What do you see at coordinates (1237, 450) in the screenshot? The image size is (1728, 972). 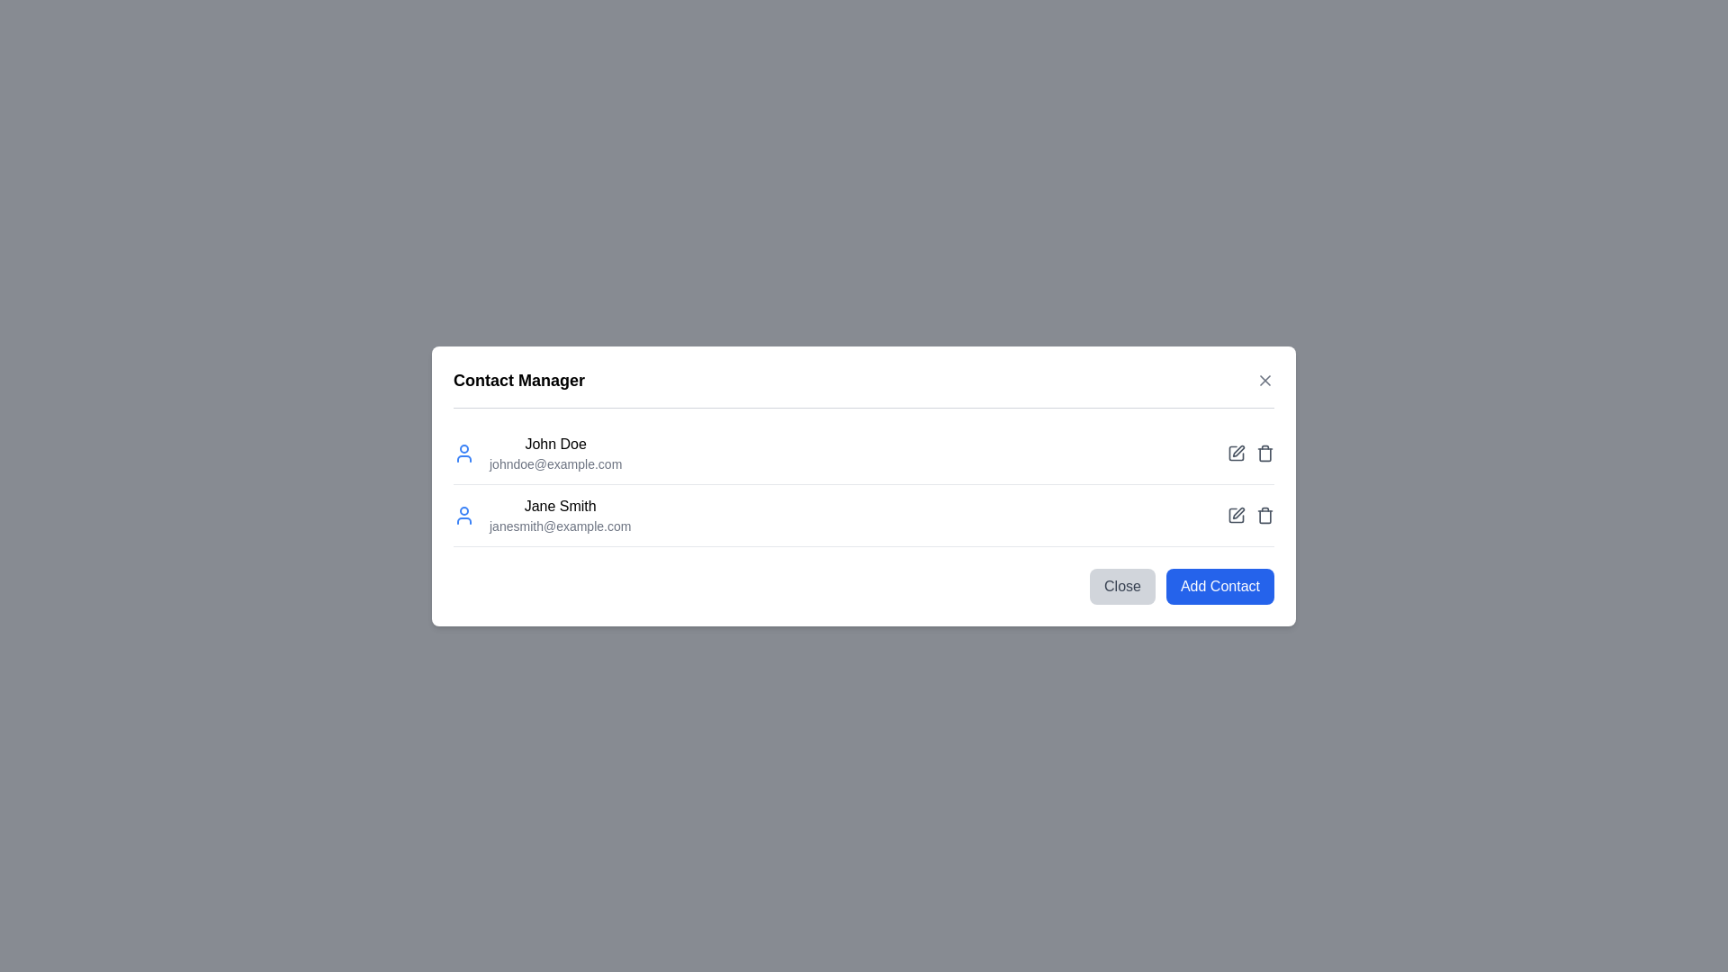 I see `the clickable edit icon located to the right of the second contact entry, which allows the user to modify the contact's information` at bounding box center [1237, 450].